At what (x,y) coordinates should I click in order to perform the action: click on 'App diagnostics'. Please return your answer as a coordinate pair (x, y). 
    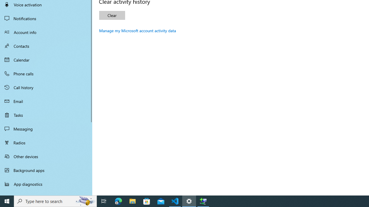
    Looking at the image, I should click on (46, 184).